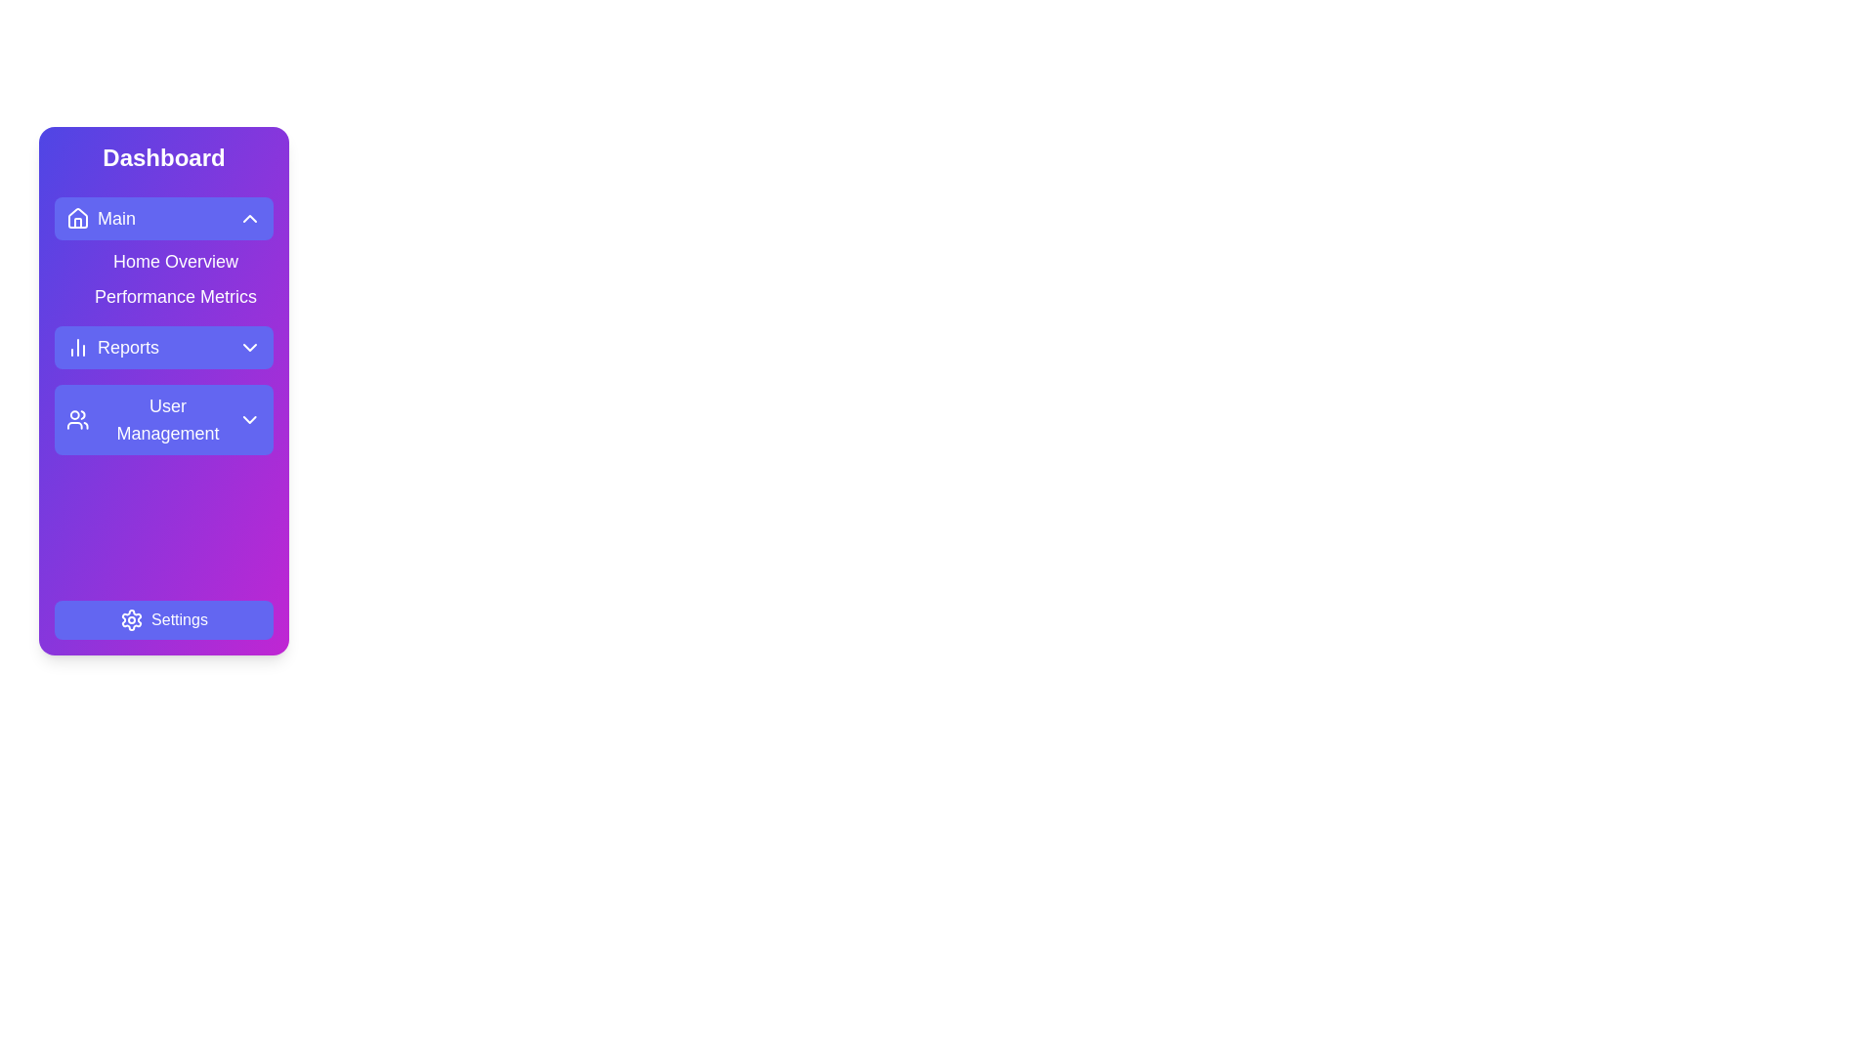  Describe the element at coordinates (164, 620) in the screenshot. I see `the 'Settings' button located at the bottom of the sidebar, which features a gear-shaped icon and has a gradient background from indigo to fuchsia` at that location.